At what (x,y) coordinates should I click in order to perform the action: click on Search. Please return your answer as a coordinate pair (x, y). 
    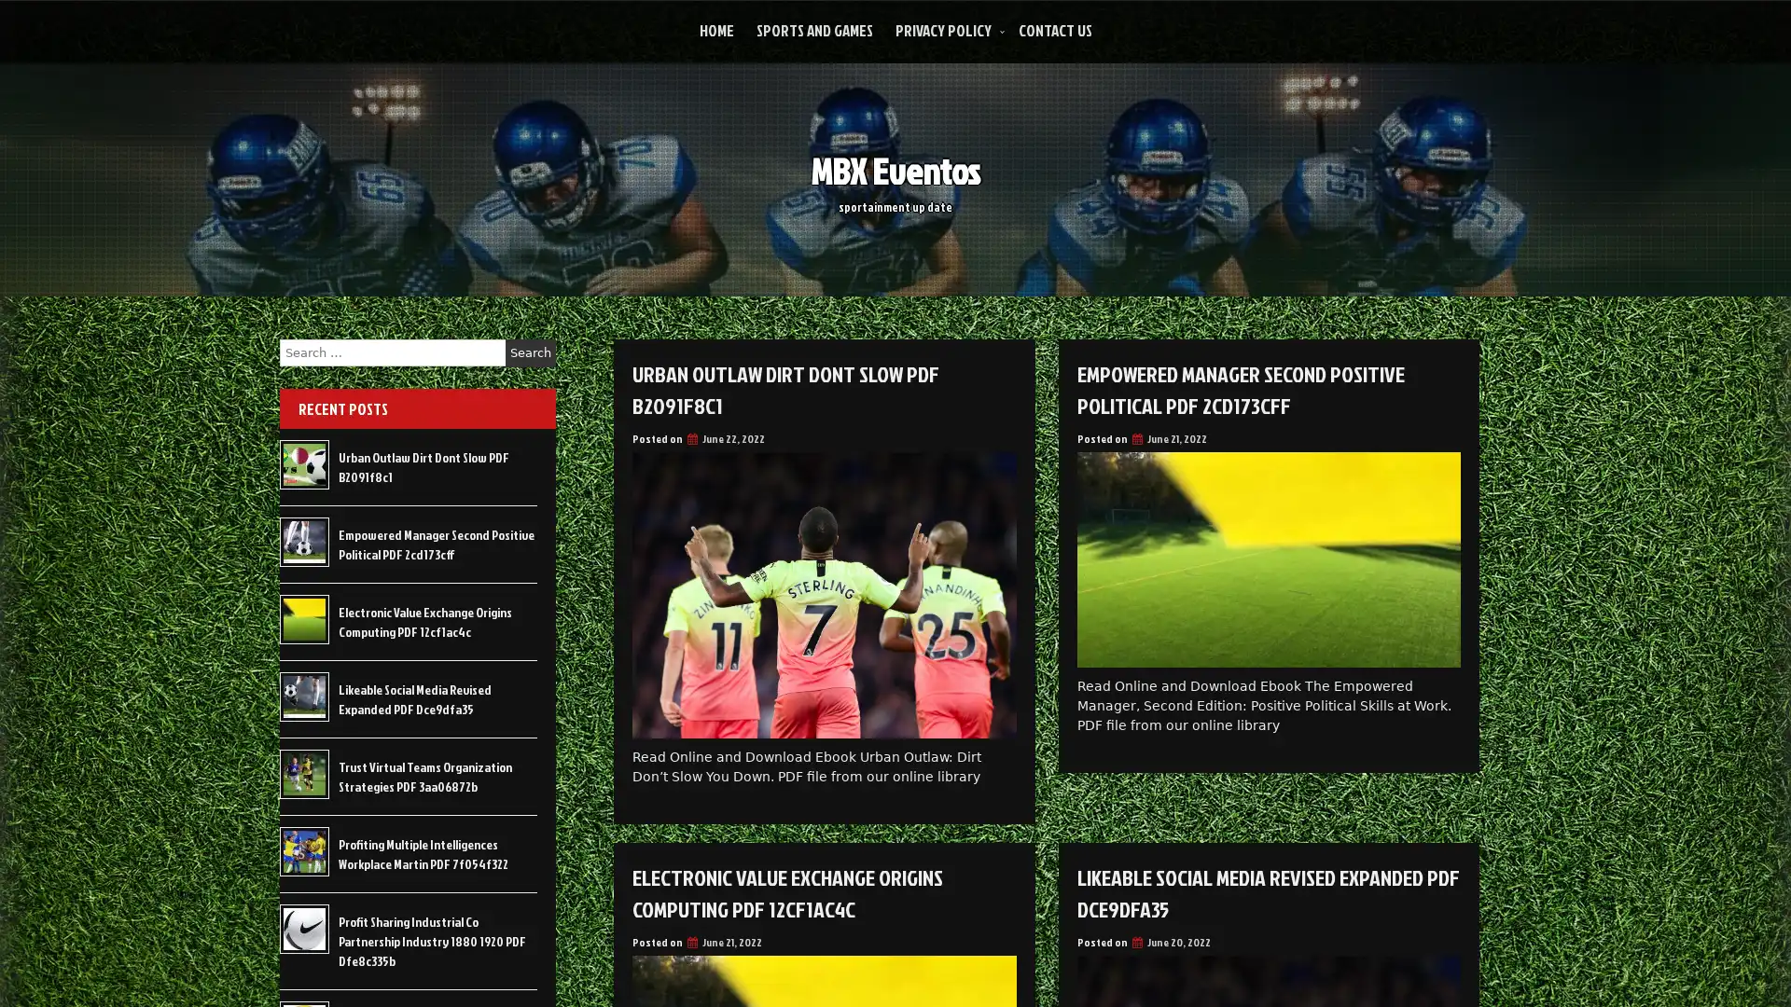
    Looking at the image, I should click on (530, 352).